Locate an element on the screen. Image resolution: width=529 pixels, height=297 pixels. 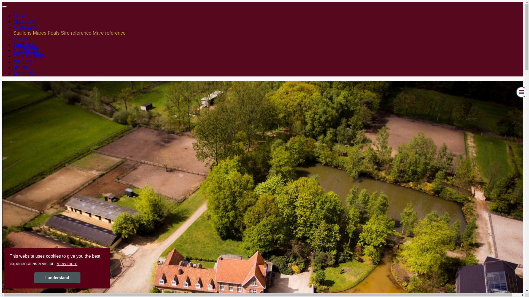
'View more' is located at coordinates (67, 263).